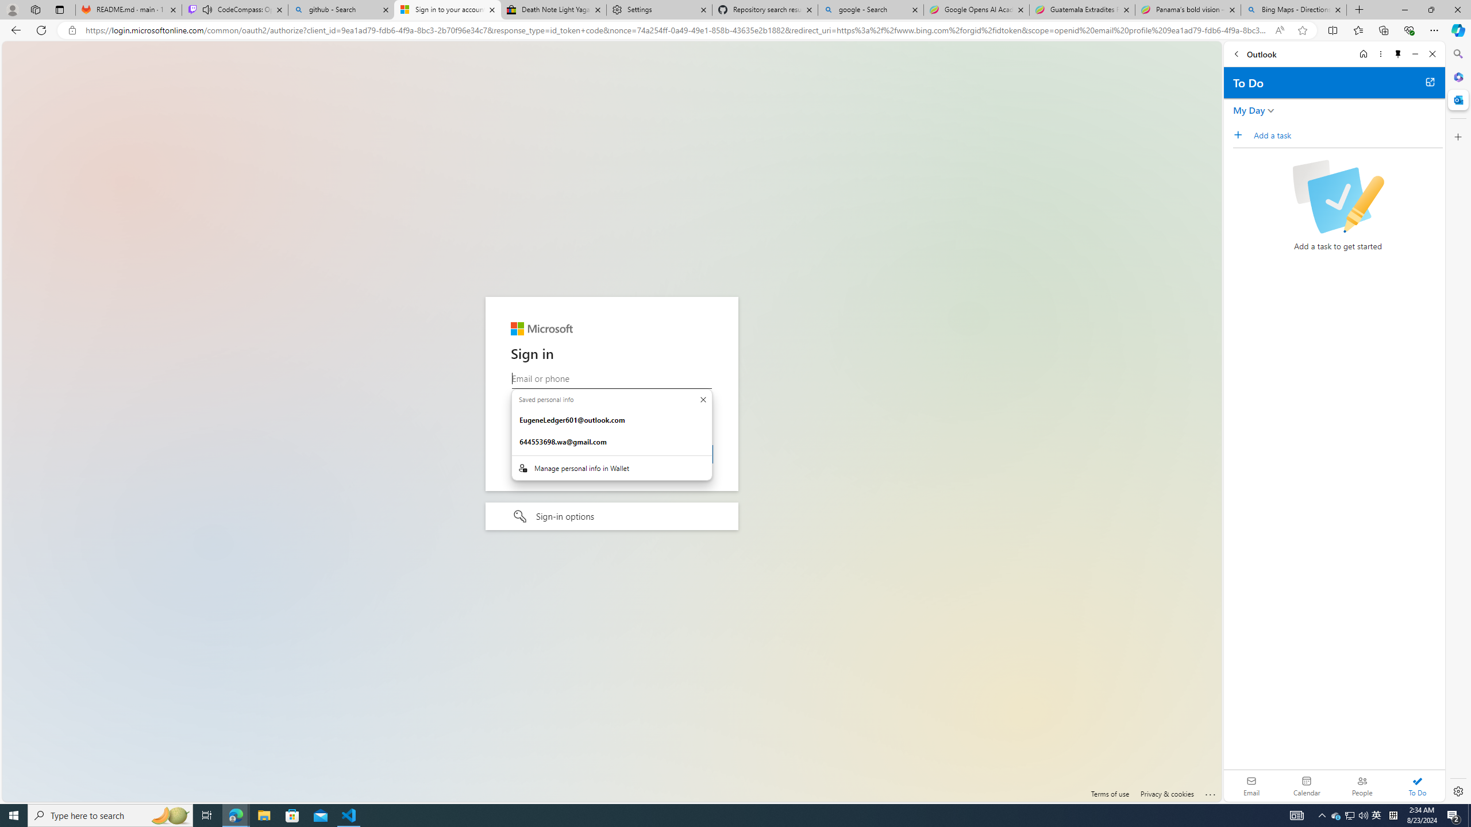 This screenshot has height=827, width=1471. What do you see at coordinates (1307, 785) in the screenshot?
I see `'Calendar. Date today is 22'` at bounding box center [1307, 785].